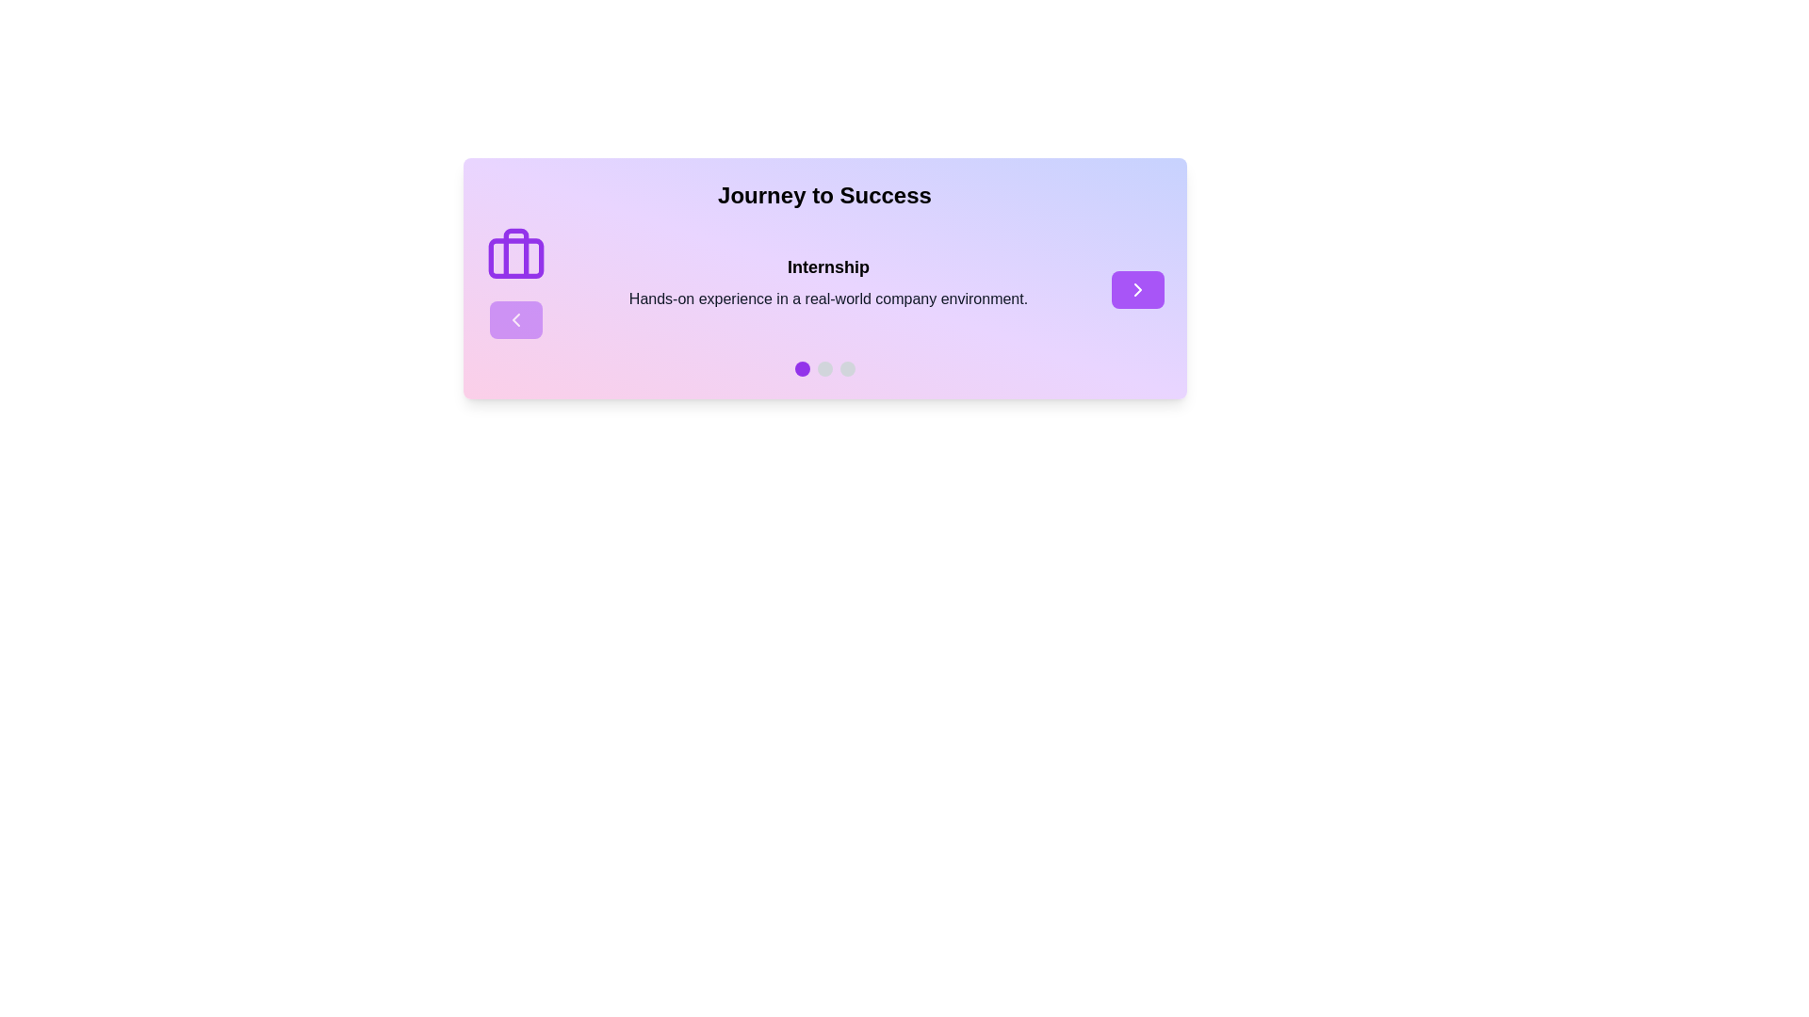 The height and width of the screenshot is (1017, 1809). What do you see at coordinates (515, 252) in the screenshot?
I see `the narrow vertical rectangle icon that represents the handle of the briefcase icon, centrally positioned within the briefcase graphic on the left side of the card element` at bounding box center [515, 252].